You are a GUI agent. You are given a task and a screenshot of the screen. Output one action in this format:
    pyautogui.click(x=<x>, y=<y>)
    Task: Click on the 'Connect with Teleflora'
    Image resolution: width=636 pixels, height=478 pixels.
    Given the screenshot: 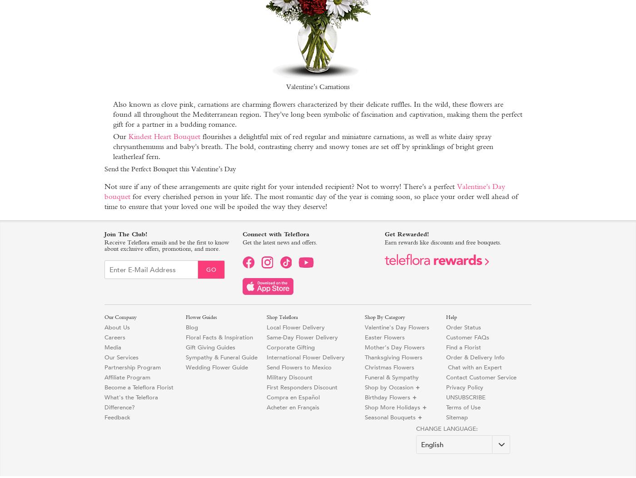 What is the action you would take?
    pyautogui.click(x=242, y=234)
    